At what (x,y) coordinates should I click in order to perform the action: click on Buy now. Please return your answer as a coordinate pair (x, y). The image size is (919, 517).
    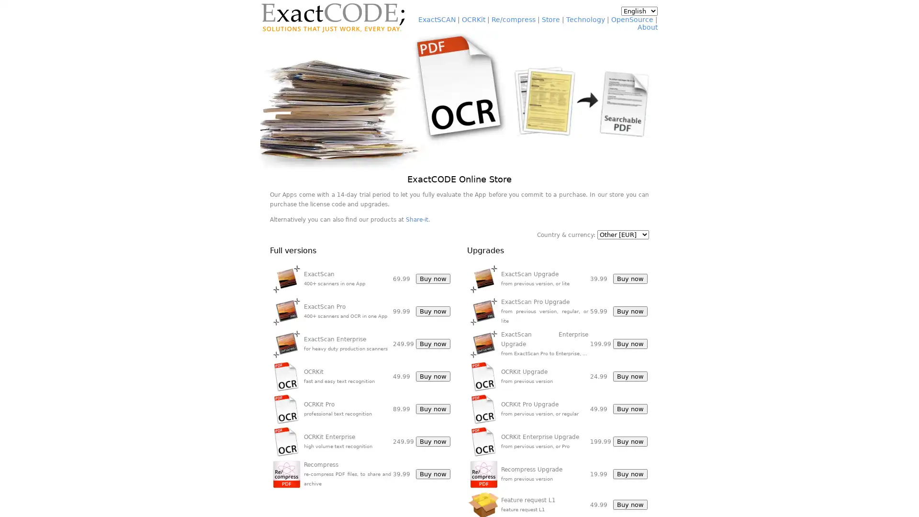
    Looking at the image, I should click on (629, 311).